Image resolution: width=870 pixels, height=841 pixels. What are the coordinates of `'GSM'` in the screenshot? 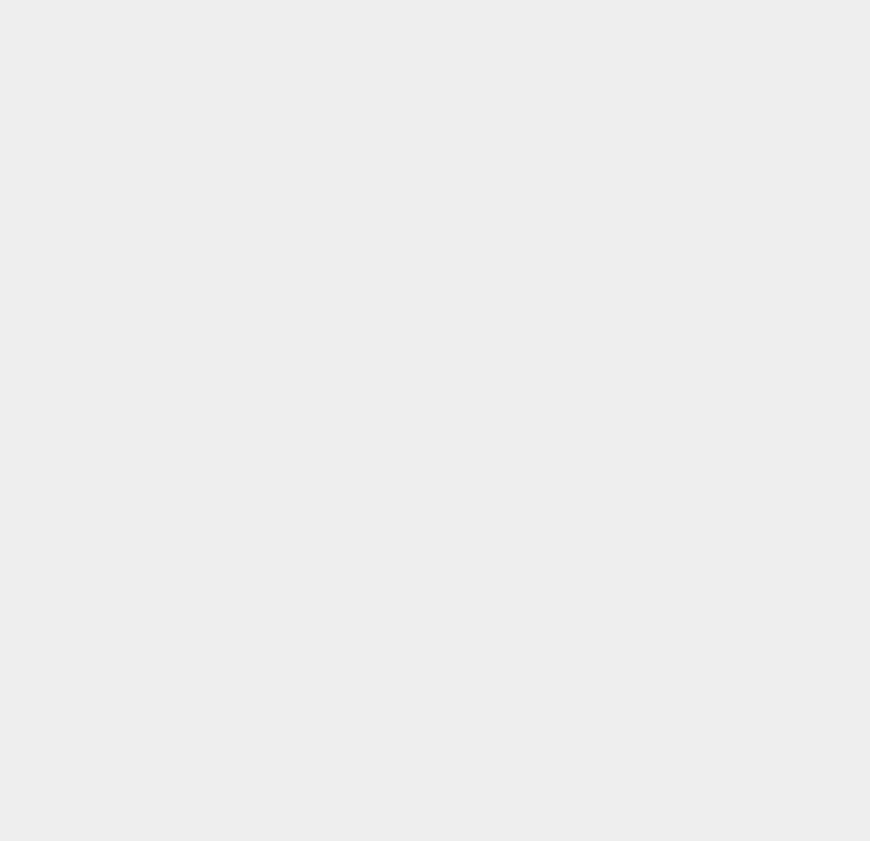 It's located at (626, 447).